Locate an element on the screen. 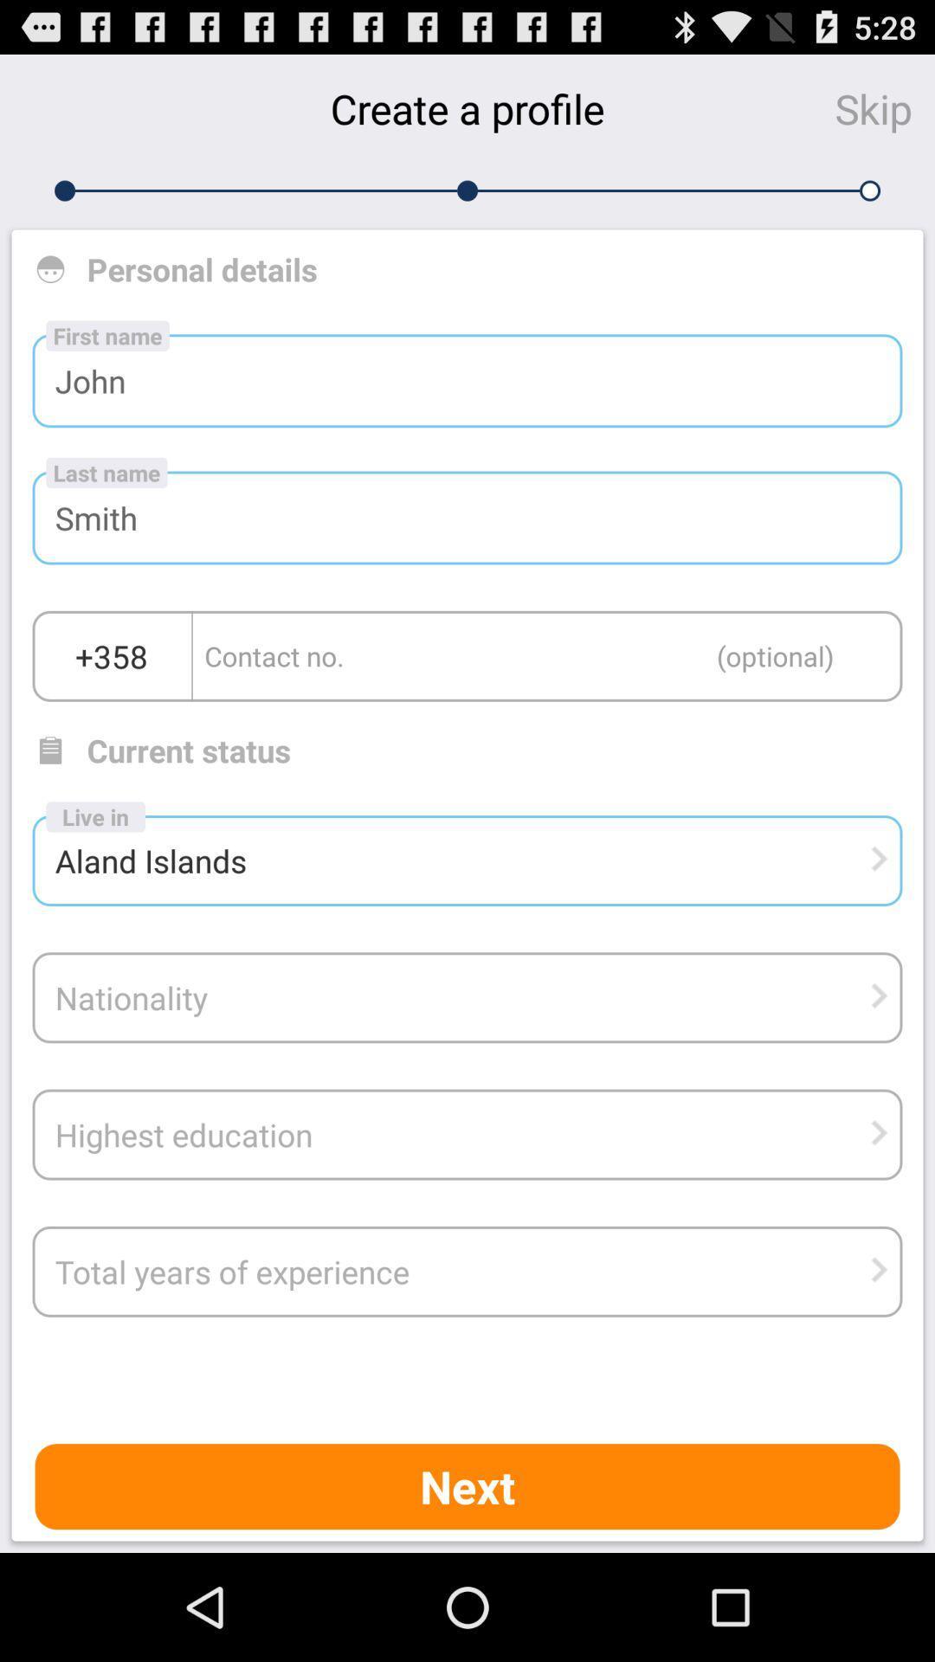 This screenshot has height=1662, width=935. this box contact option is located at coordinates (547, 655).